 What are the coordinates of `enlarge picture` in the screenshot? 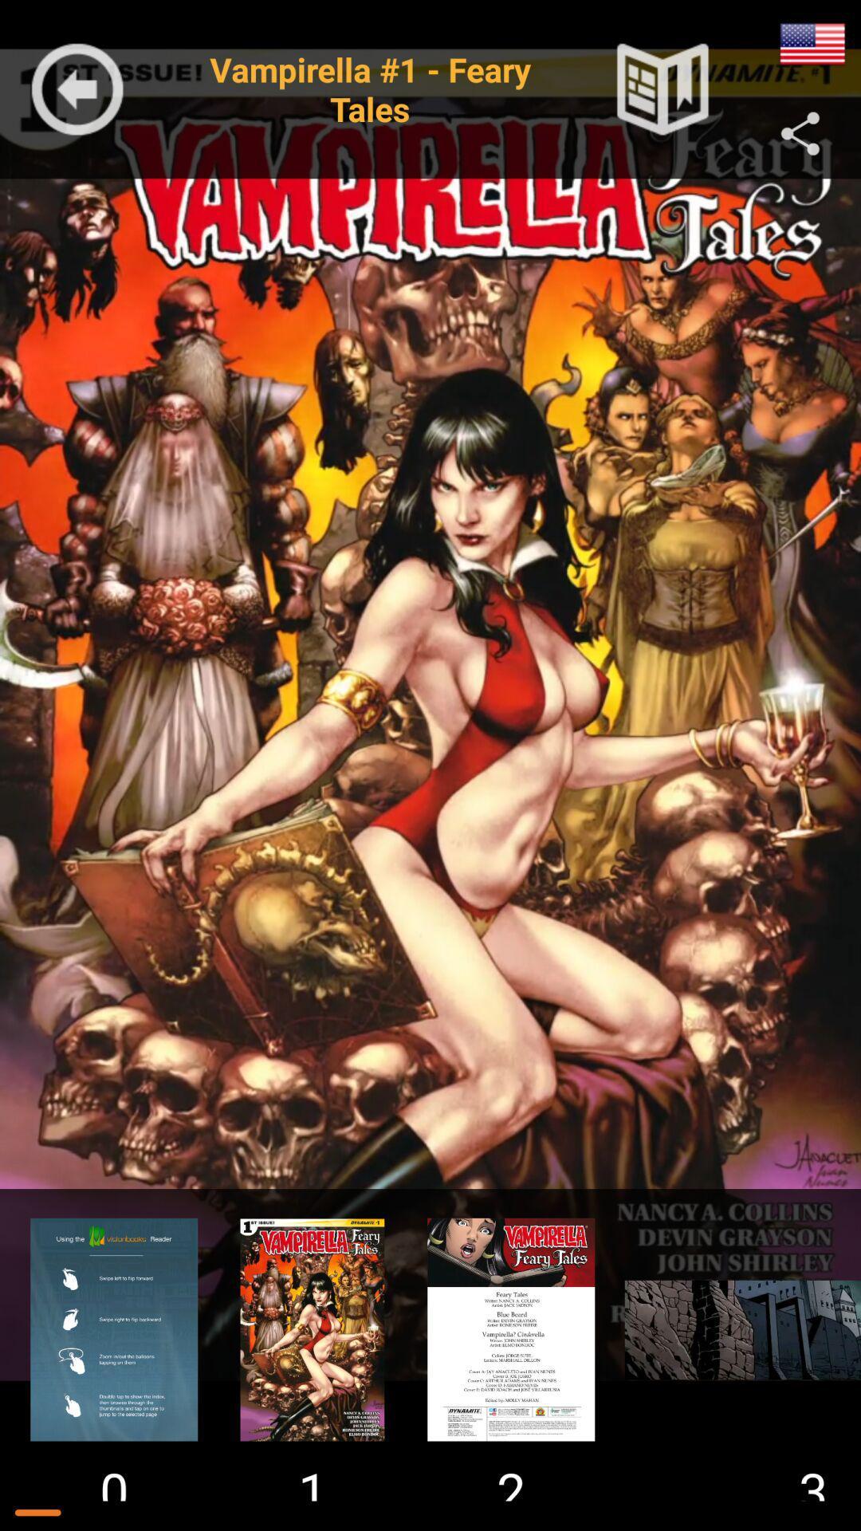 It's located at (735, 1329).